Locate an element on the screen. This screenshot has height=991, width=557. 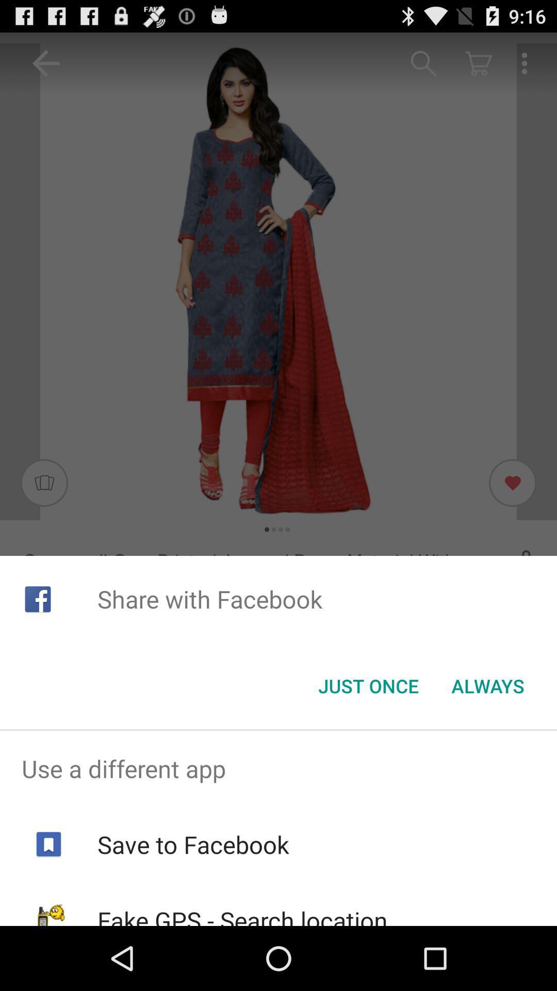
the icon below save to facebook icon is located at coordinates (242, 915).